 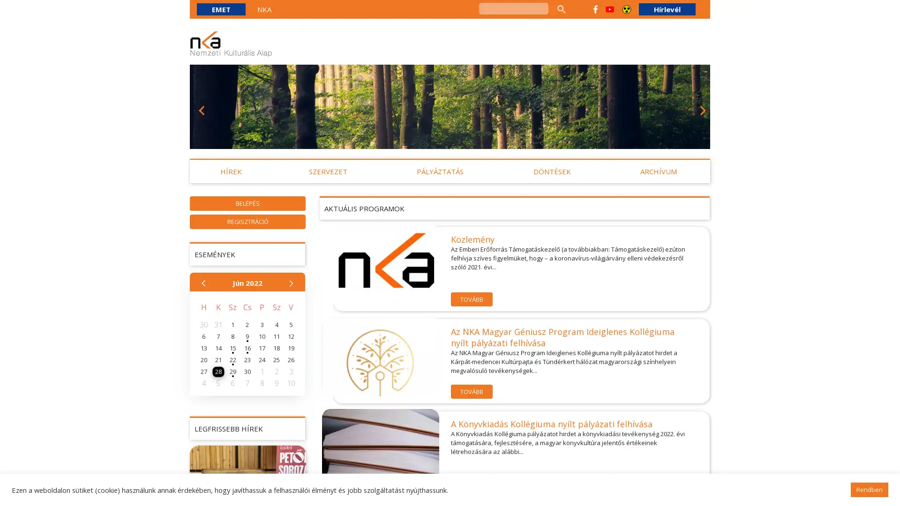 I want to click on SZERVEZET, so click(x=328, y=171).